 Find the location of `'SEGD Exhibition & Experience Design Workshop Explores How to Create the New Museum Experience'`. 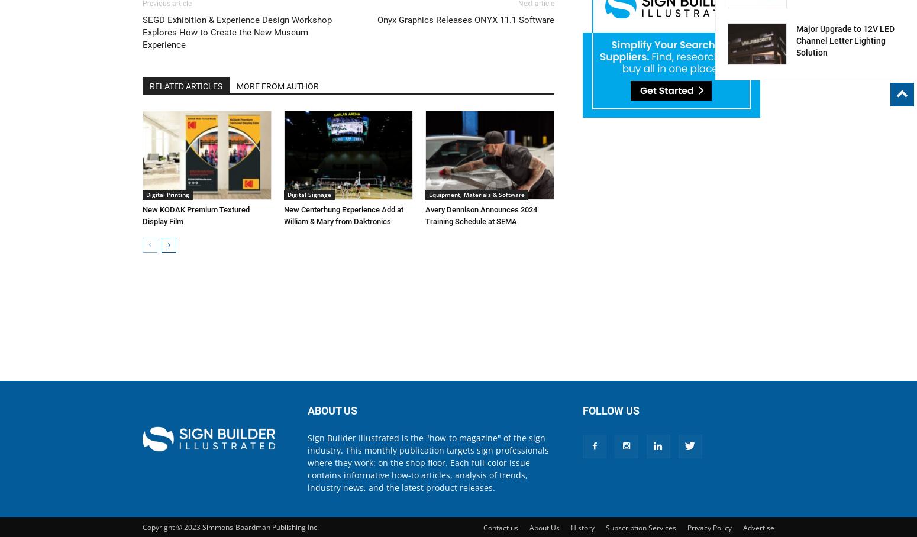

'SEGD Exhibition & Experience Design Workshop Explores How to Create the New Museum Experience' is located at coordinates (237, 33).